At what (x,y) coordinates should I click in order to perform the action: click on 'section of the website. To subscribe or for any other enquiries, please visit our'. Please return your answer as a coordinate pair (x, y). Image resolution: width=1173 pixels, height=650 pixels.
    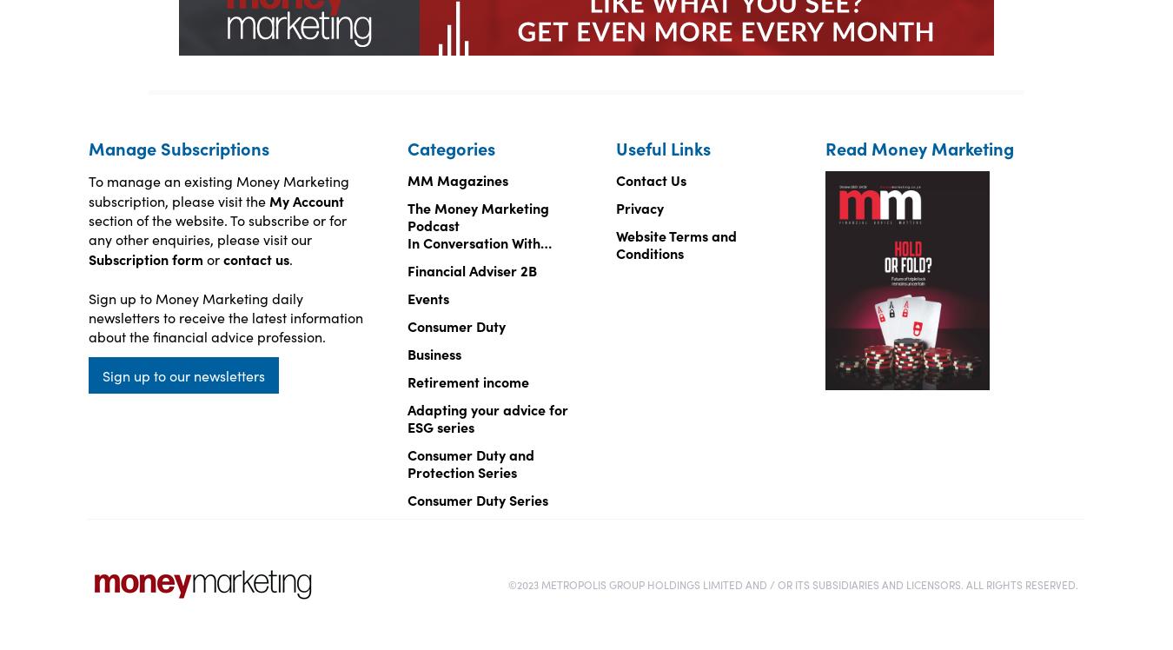
    Looking at the image, I should click on (215, 228).